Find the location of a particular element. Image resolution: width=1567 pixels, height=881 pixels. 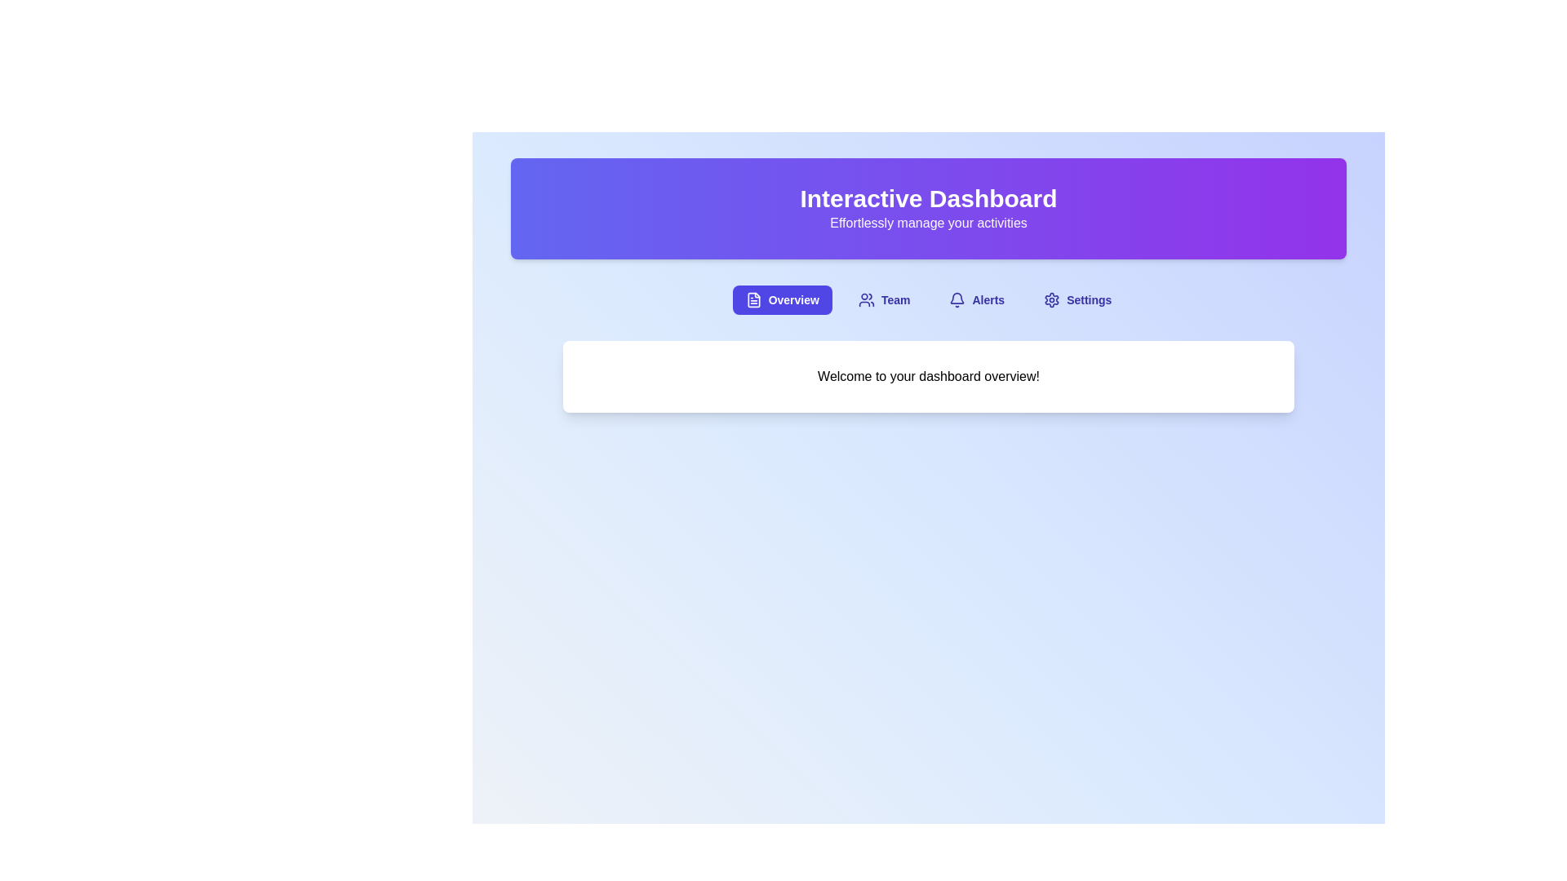

the group of people icon located to the left of the 'Team' text in the navigation button is located at coordinates (865, 299).